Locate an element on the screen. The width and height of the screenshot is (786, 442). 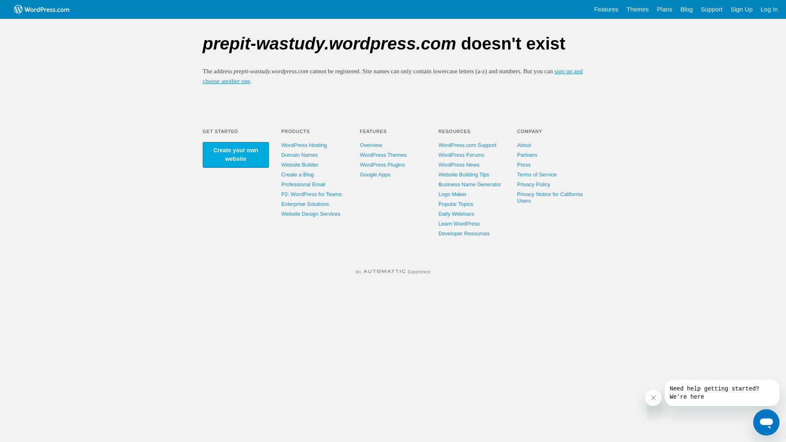
'Enterprise Solutions' is located at coordinates (304, 203).